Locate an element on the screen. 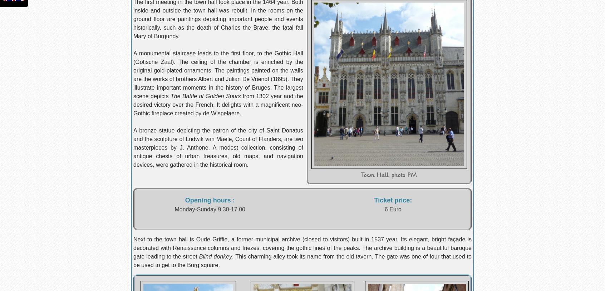 Image resolution: width=605 pixels, height=291 pixels. 'A monumental staircase leads to the first floor, to the Gothic Hall (Gotische Zaal). The ceiling of the chamber is enriched by the original gold-plated ornaments. The paintings painted on the walls are the works of brothers Albert and Julian De Vriendt (1895). They illustrate important moments in the history of Bruges. The largest scene depicts' is located at coordinates (217, 75).